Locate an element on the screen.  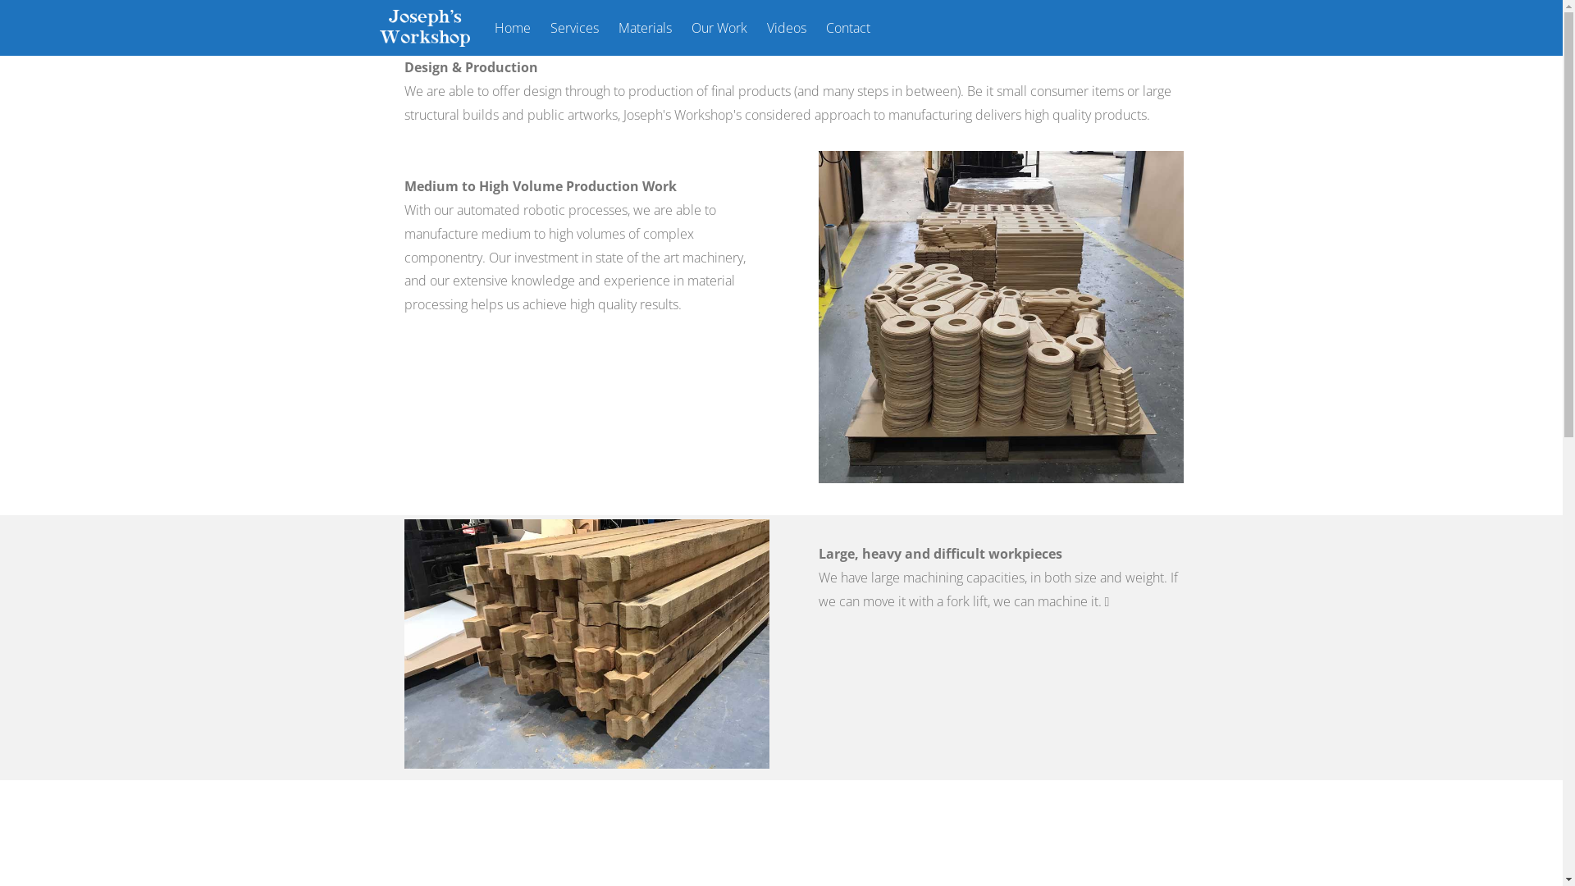
'Our Work' is located at coordinates (719, 28).